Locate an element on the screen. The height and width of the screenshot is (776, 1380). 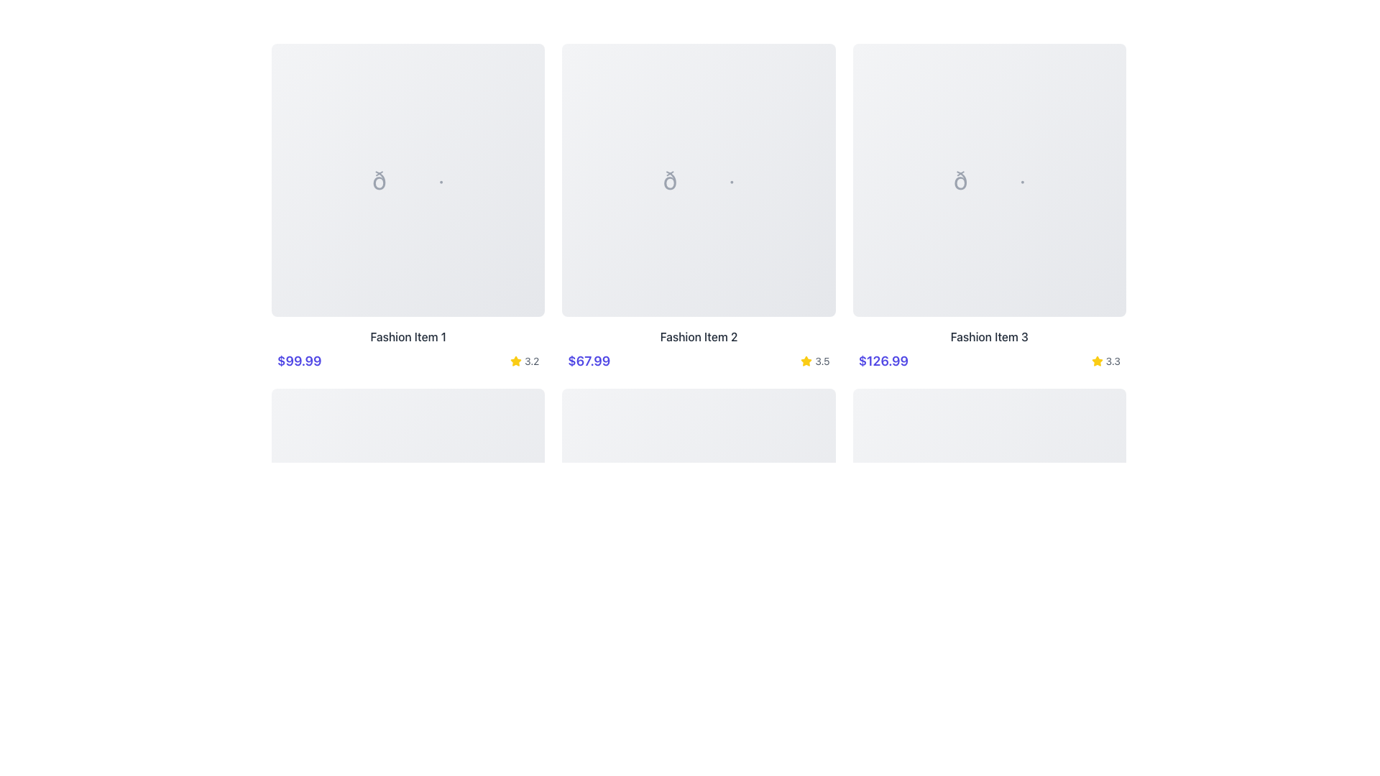
the Text label that serves as the title of the item in the second column of the grid, positioned below the central image placeholder is located at coordinates (699, 337).